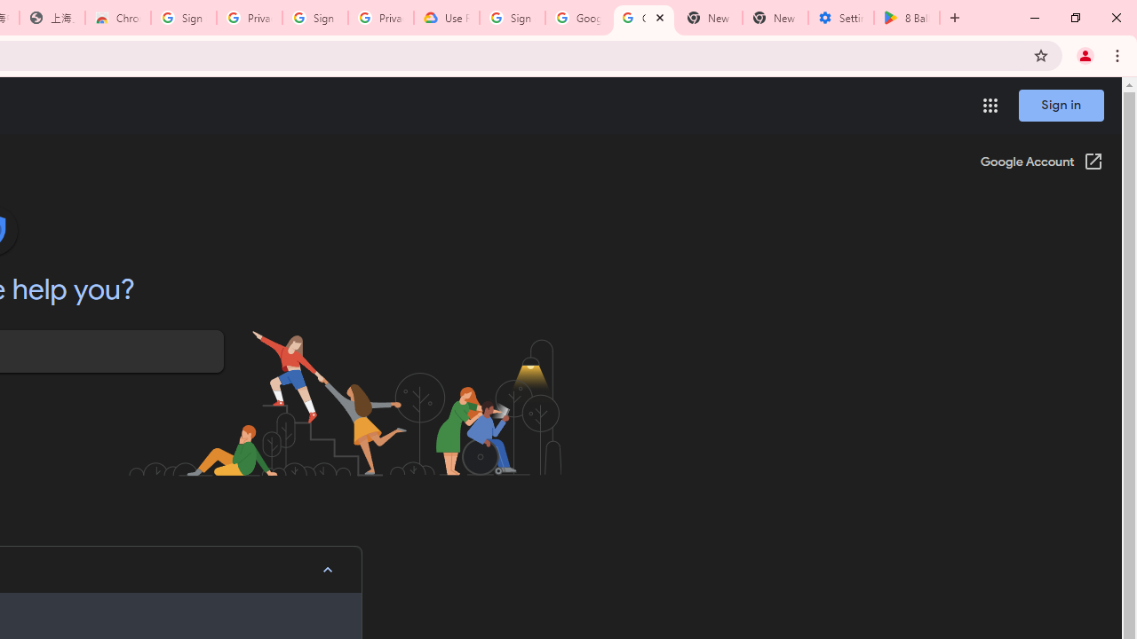  What do you see at coordinates (907, 18) in the screenshot?
I see `'8 Ball Pool - Apps on Google Play'` at bounding box center [907, 18].